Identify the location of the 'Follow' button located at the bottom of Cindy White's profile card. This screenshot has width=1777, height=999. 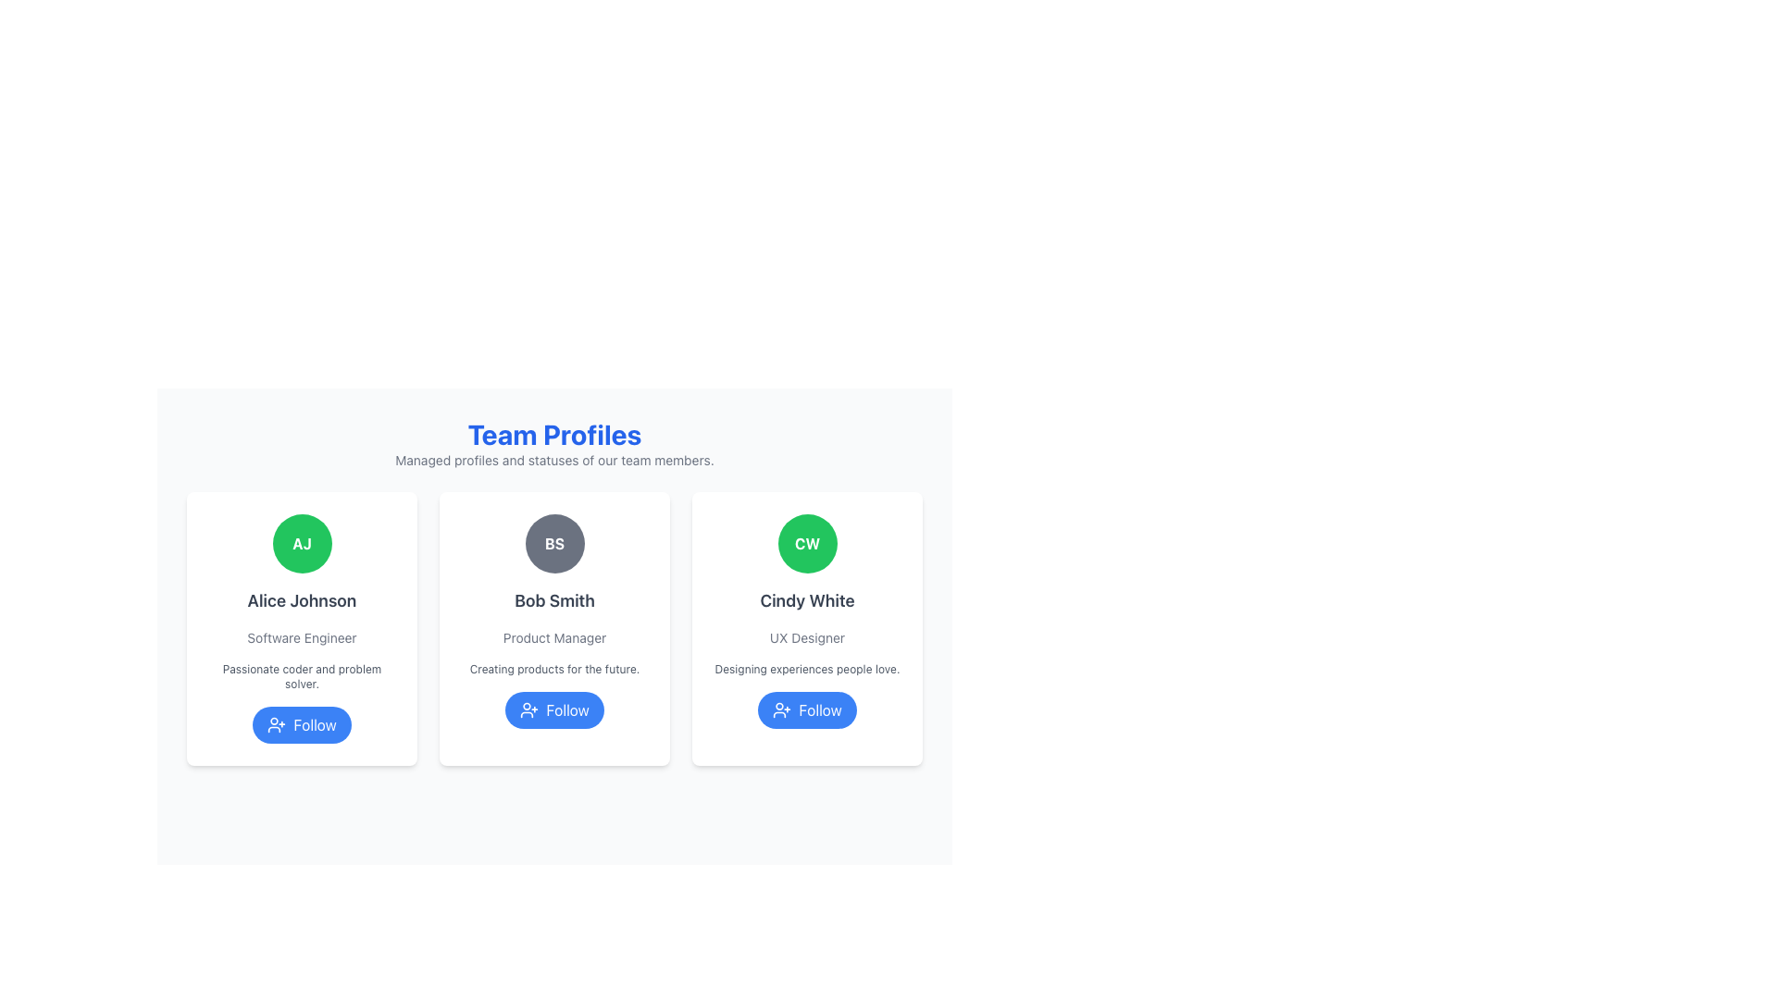
(807, 709).